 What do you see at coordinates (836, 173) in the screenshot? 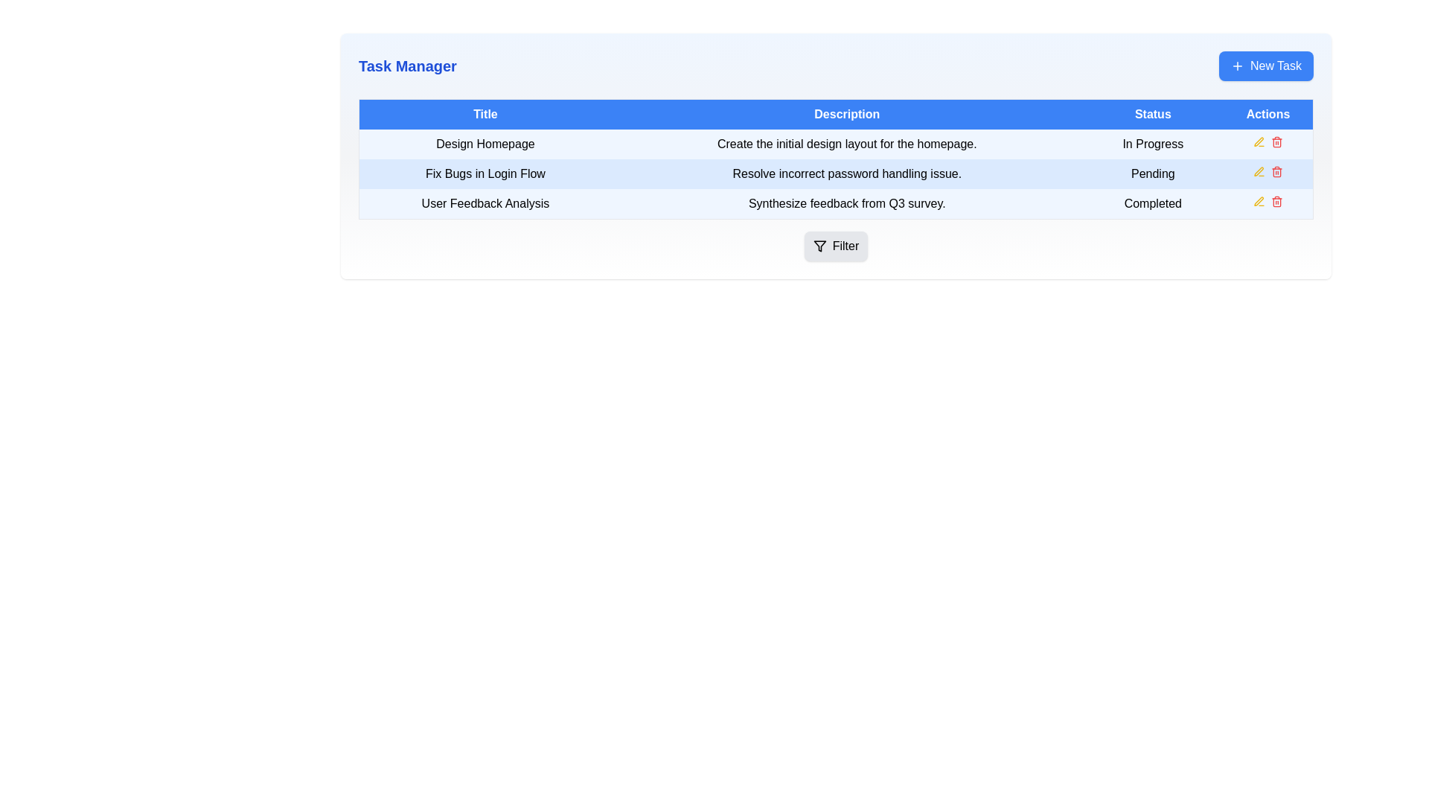
I see `to select or interact with the task represented by the second row in the task management table, which includes the title 'Fix Bugs in Login Flow', description 'Resolve incorrect password handling issue.', and status 'Pending'` at bounding box center [836, 173].